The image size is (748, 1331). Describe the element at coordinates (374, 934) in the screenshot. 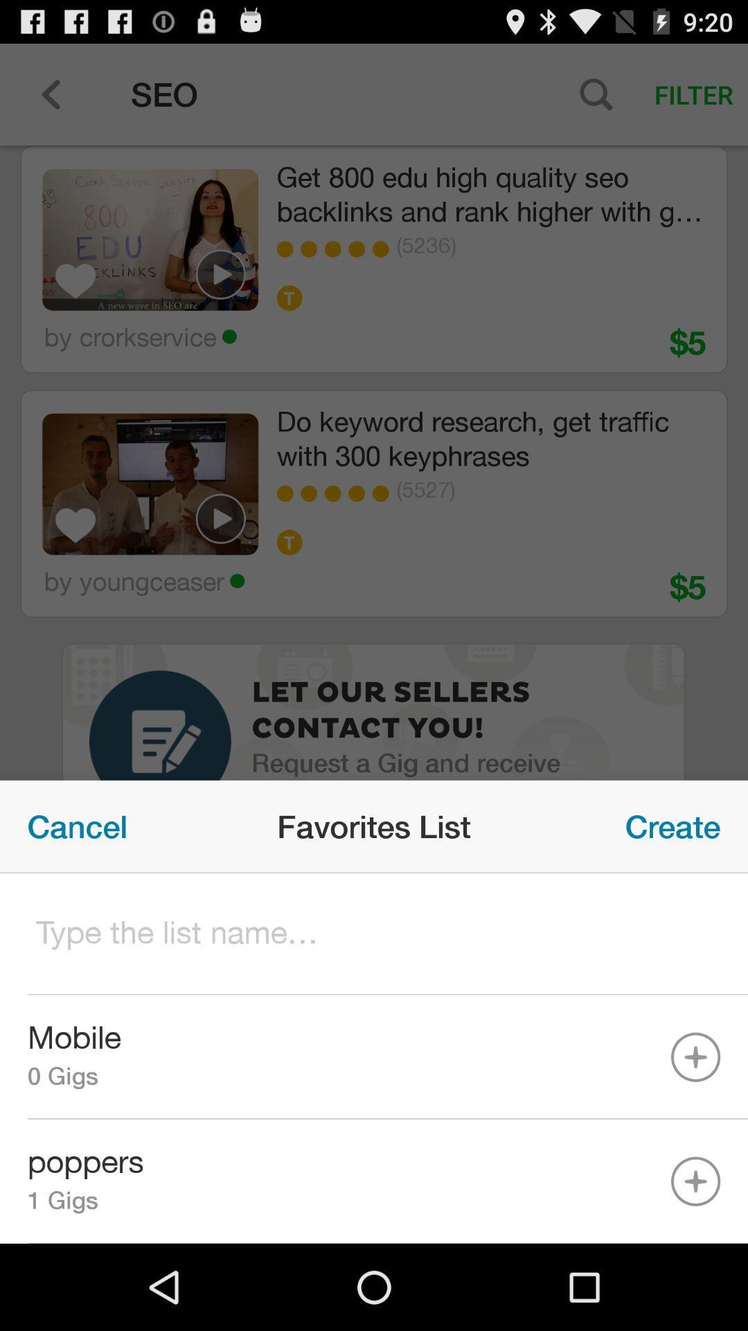

I see `type the name` at that location.